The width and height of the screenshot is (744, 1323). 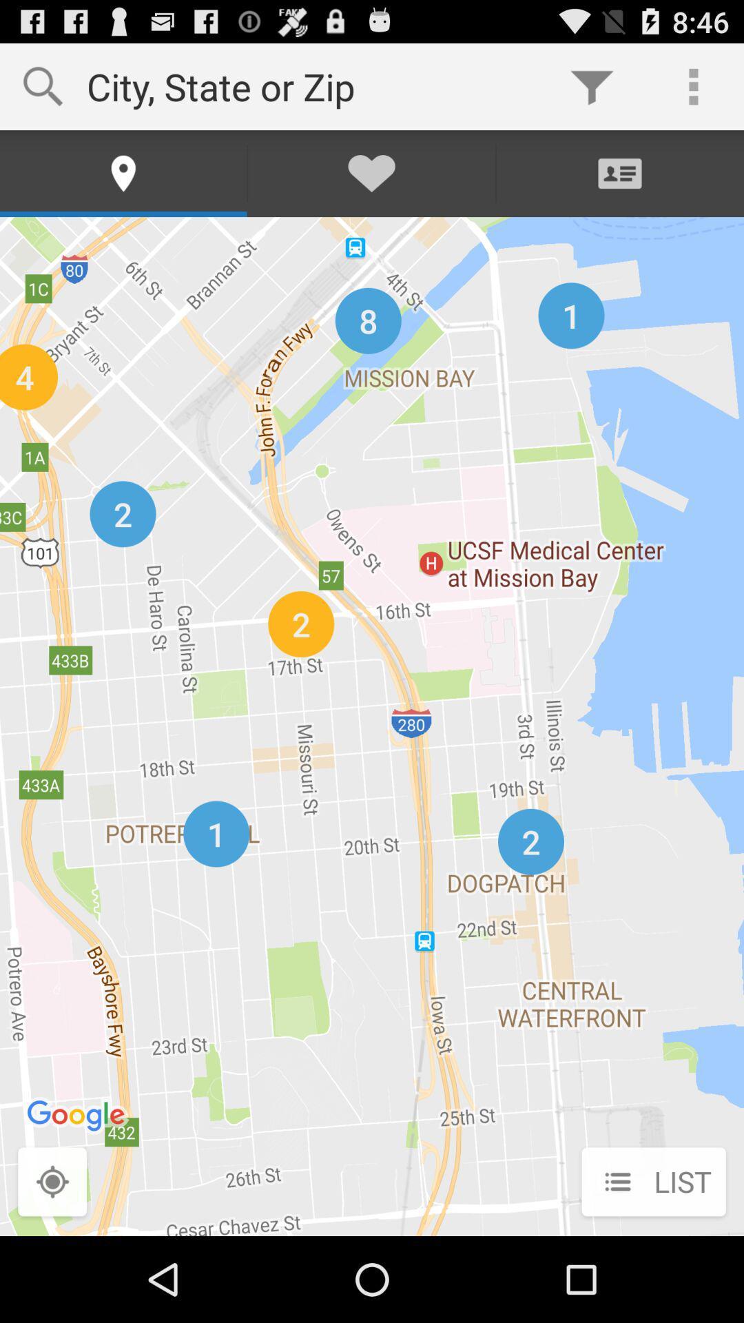 I want to click on the location_crosshair icon, so click(x=52, y=1266).